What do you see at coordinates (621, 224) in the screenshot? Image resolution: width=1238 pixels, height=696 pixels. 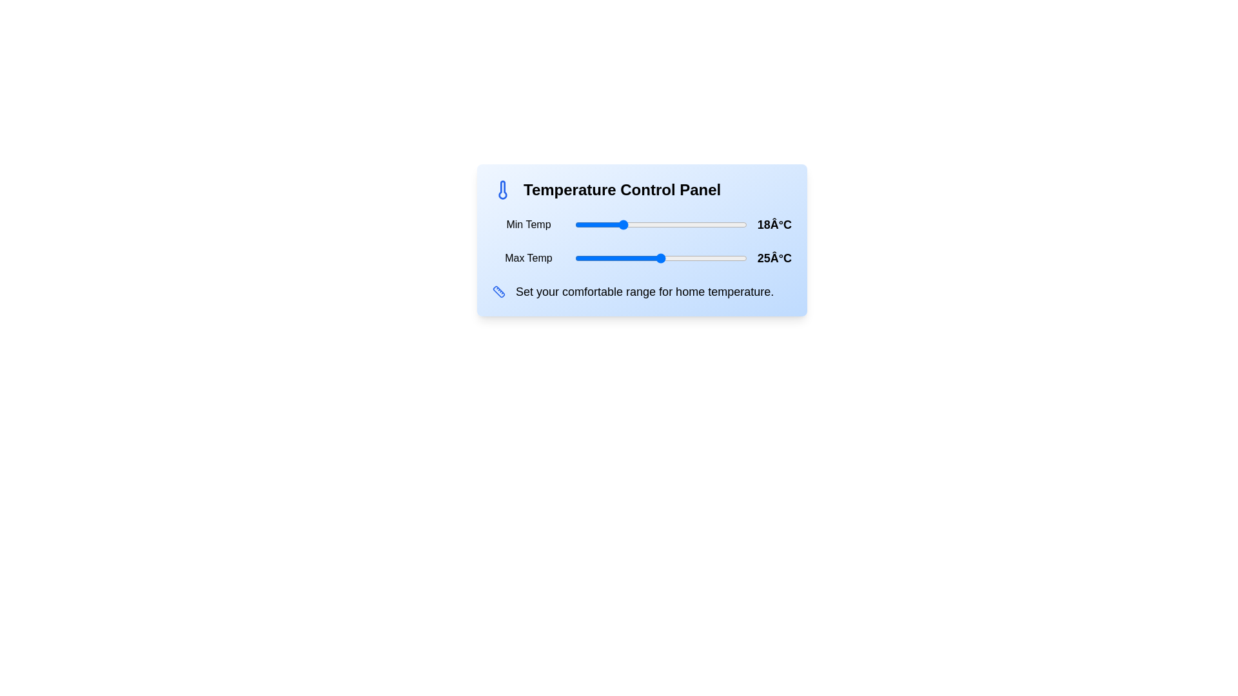 I see `the temperature slider to set the temperature to 18°C` at bounding box center [621, 224].